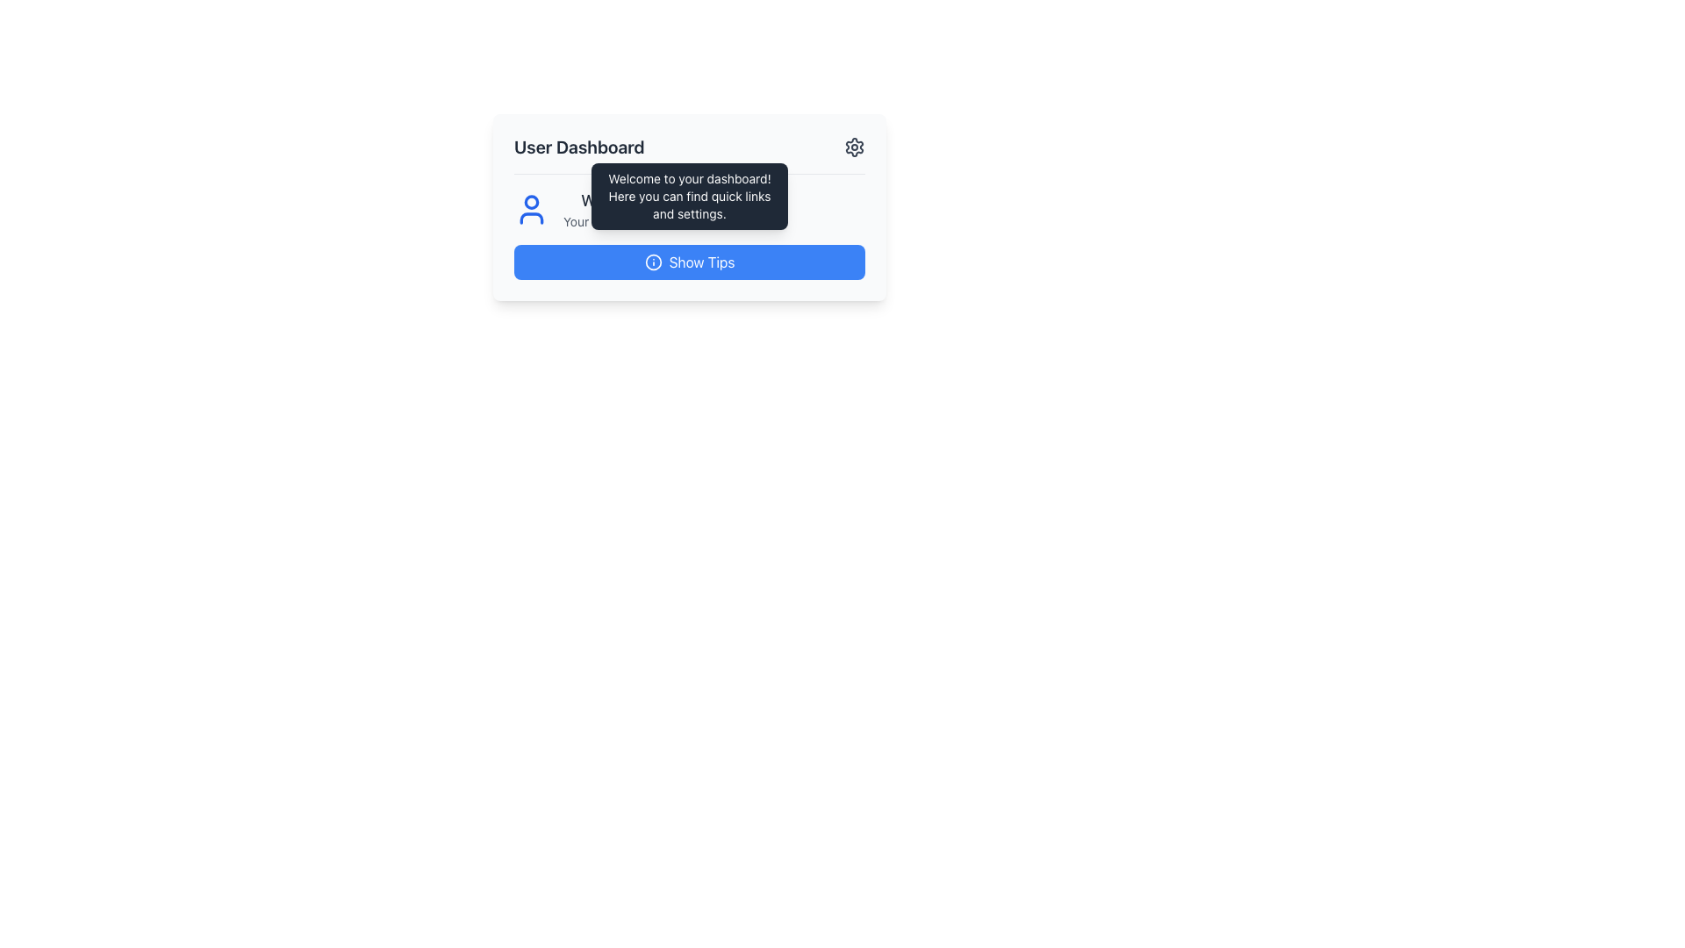 The width and height of the screenshot is (1685, 948). Describe the element at coordinates (530, 201) in the screenshot. I see `the user's avatar circular icon located in the dashboard, which is positioned to the left of the 'Your Dashboard' text` at that location.